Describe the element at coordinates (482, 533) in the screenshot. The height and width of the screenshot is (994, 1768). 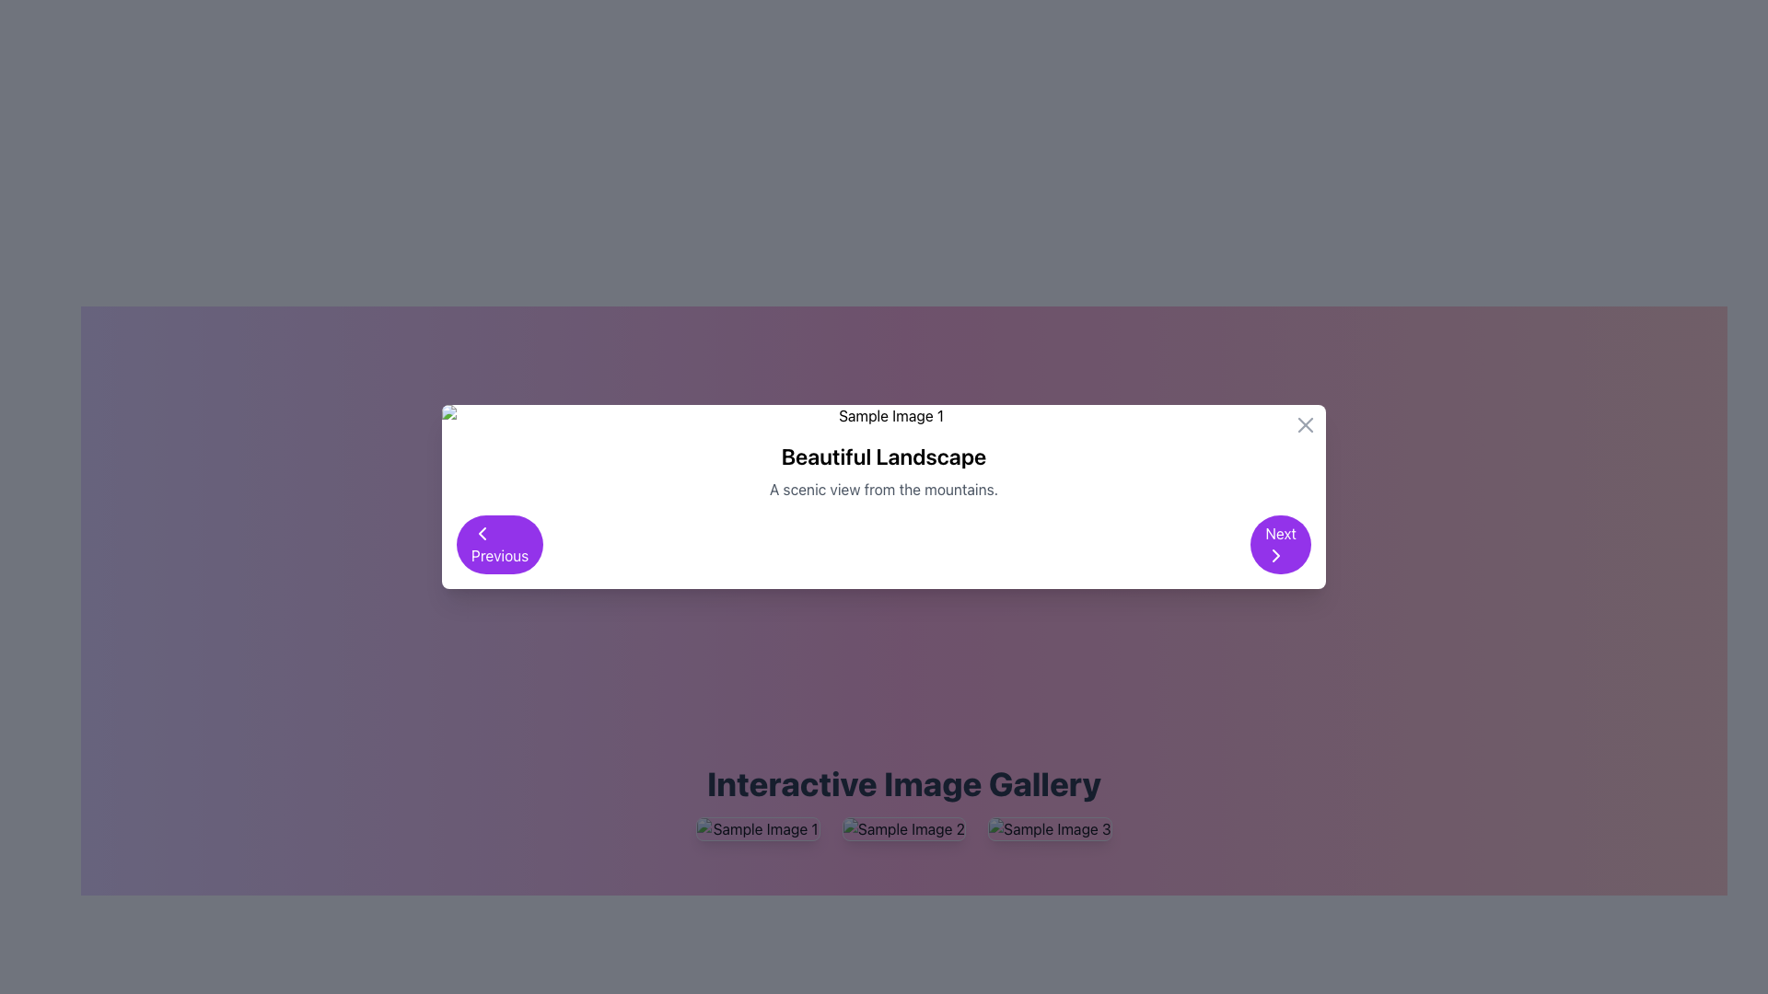
I see `the 'Previous' button that contains the left-facing chevron arrow icon` at that location.